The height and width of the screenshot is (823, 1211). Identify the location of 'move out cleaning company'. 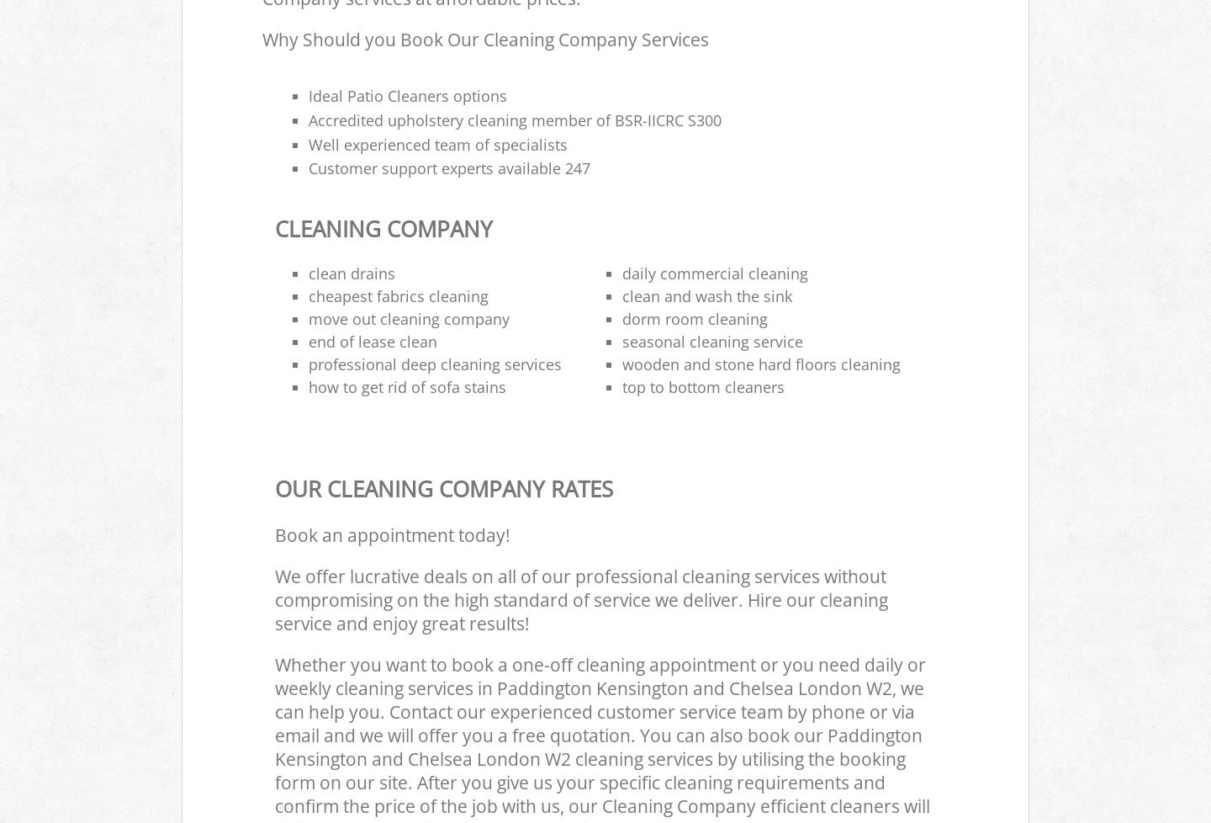
(408, 317).